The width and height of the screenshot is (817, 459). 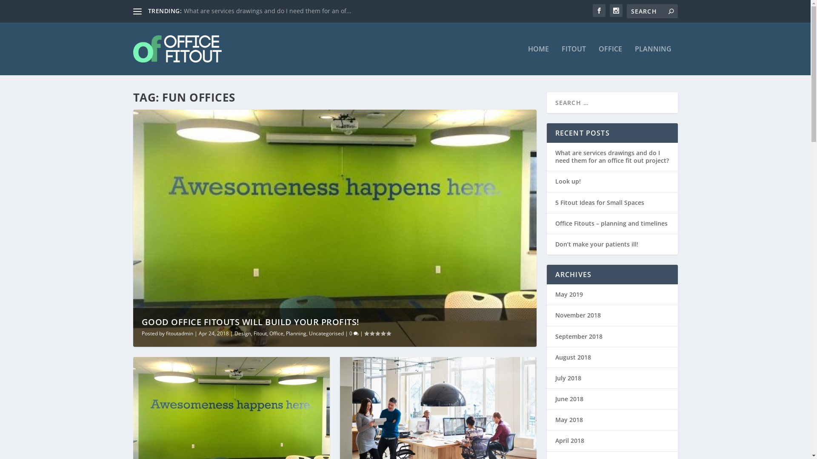 What do you see at coordinates (562, 60) in the screenshot?
I see `'FITOUT'` at bounding box center [562, 60].